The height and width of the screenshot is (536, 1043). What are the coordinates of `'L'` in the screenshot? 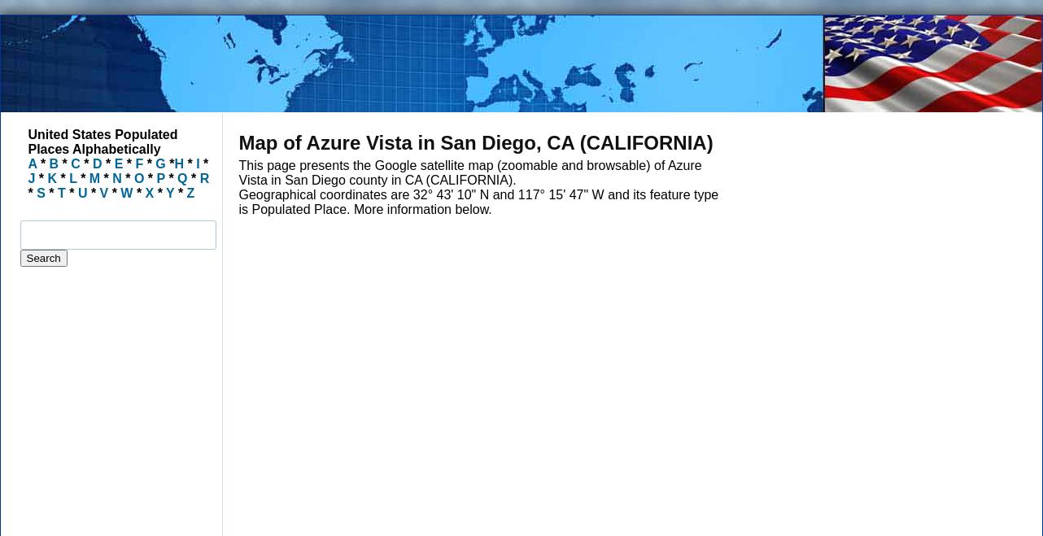 It's located at (72, 178).